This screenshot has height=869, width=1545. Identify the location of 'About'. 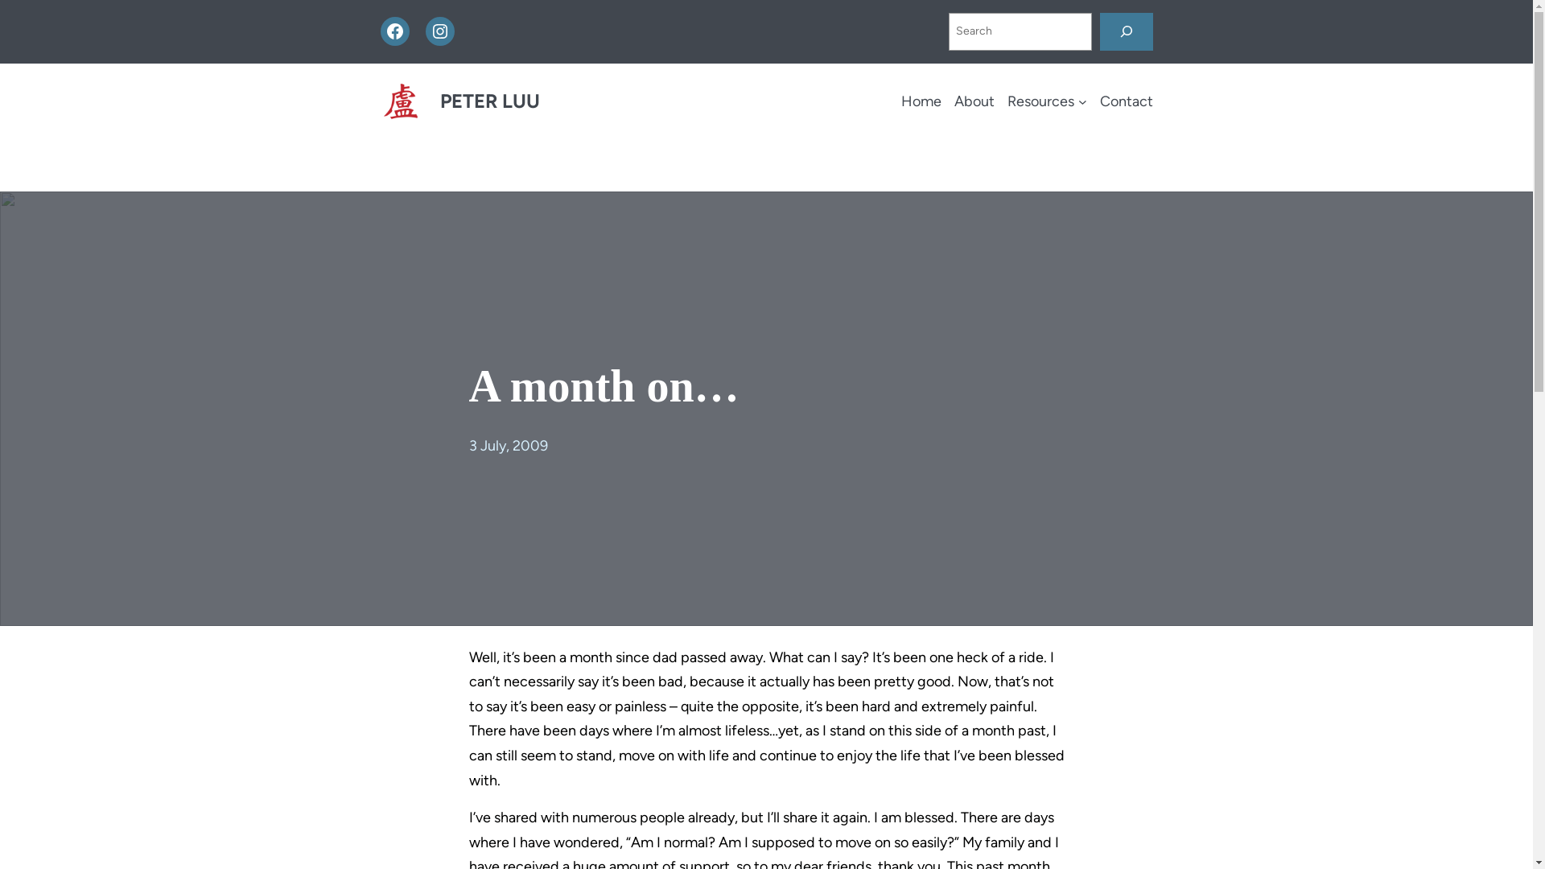
(954, 101).